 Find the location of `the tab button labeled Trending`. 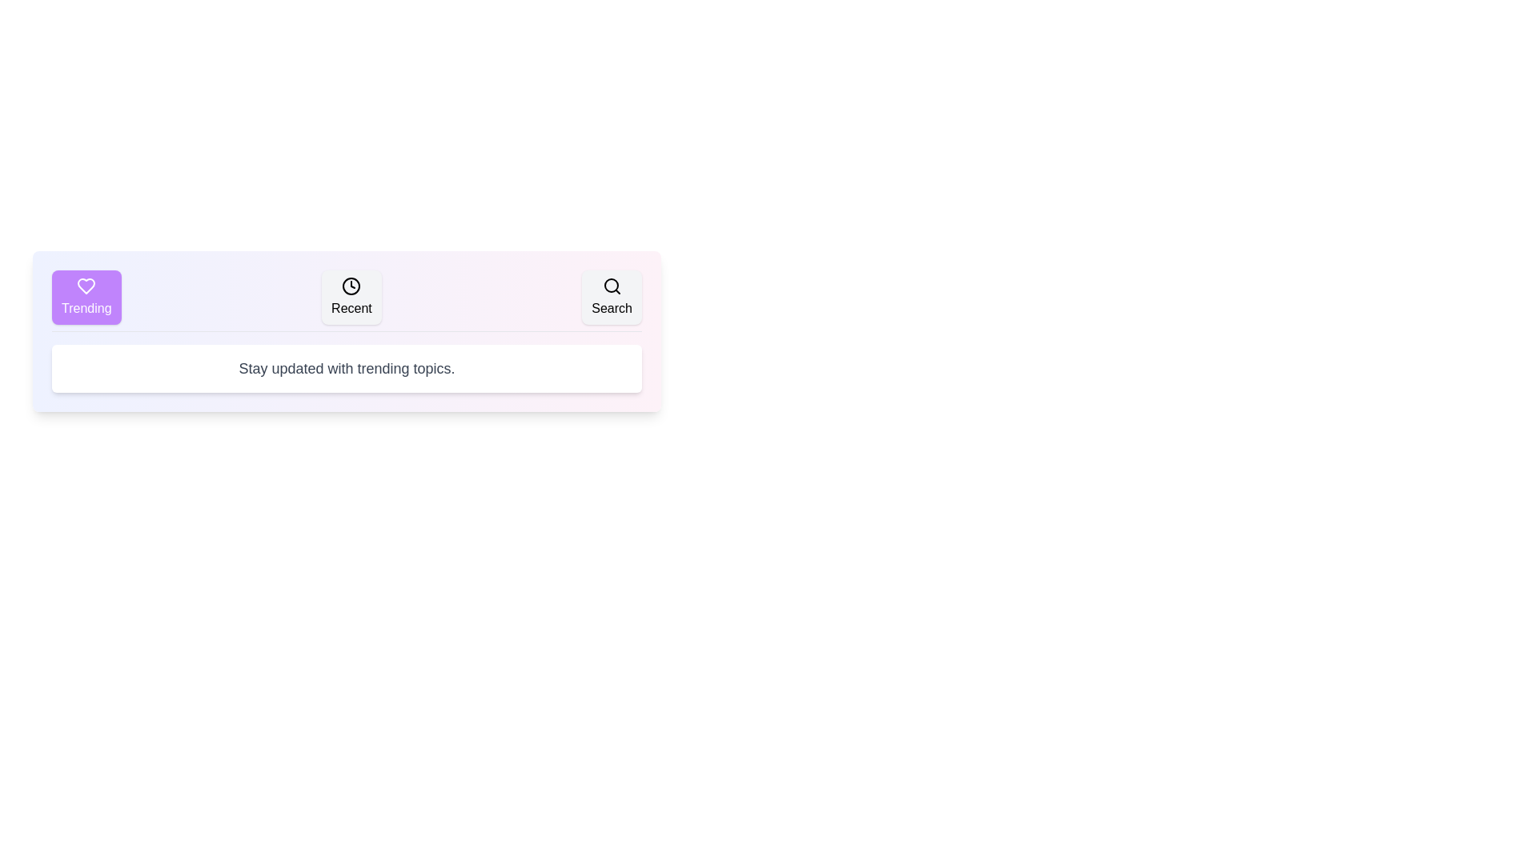

the tab button labeled Trending is located at coordinates (86, 297).